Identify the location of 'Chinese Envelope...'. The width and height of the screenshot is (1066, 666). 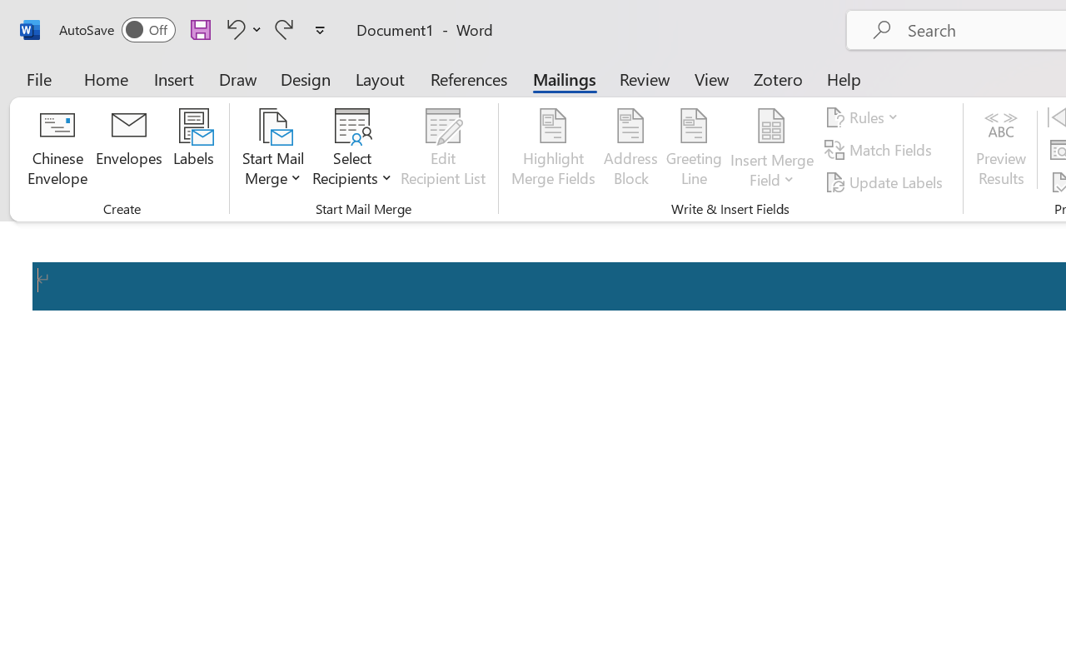
(57, 149).